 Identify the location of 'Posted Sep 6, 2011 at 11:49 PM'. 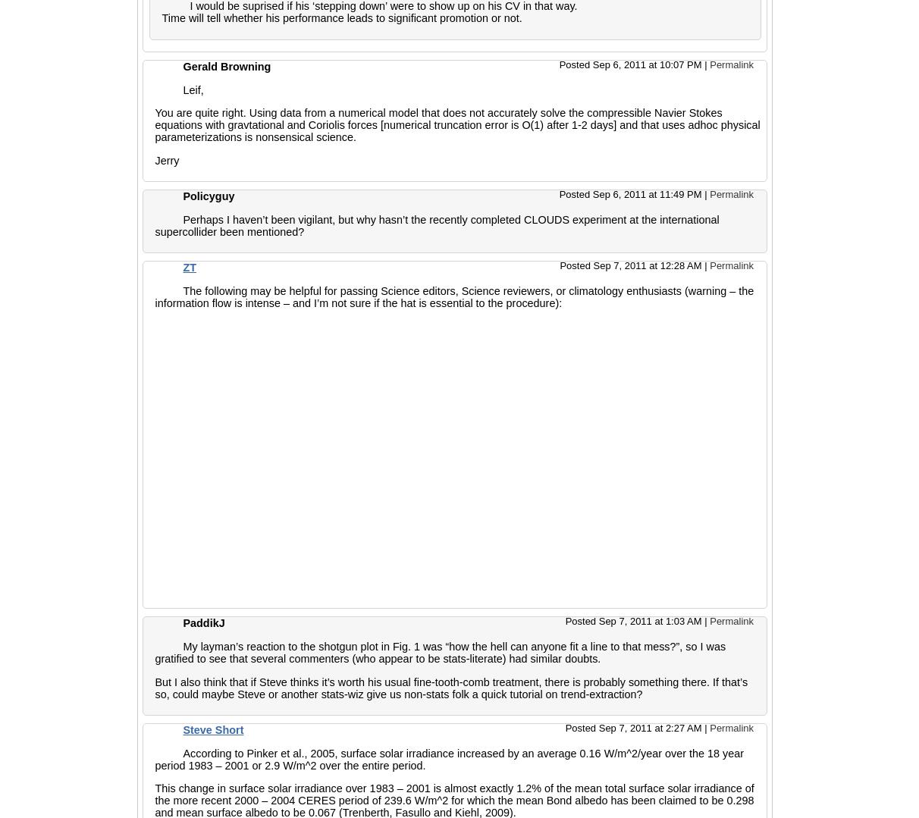
(631, 194).